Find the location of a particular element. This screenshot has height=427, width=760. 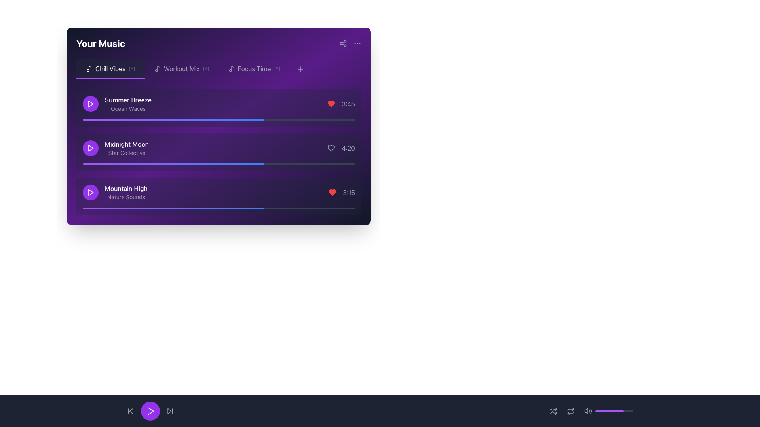

the progress bar located at the bottom of the 'Mountain High' area within the 'Your Music' interface is located at coordinates (218, 208).